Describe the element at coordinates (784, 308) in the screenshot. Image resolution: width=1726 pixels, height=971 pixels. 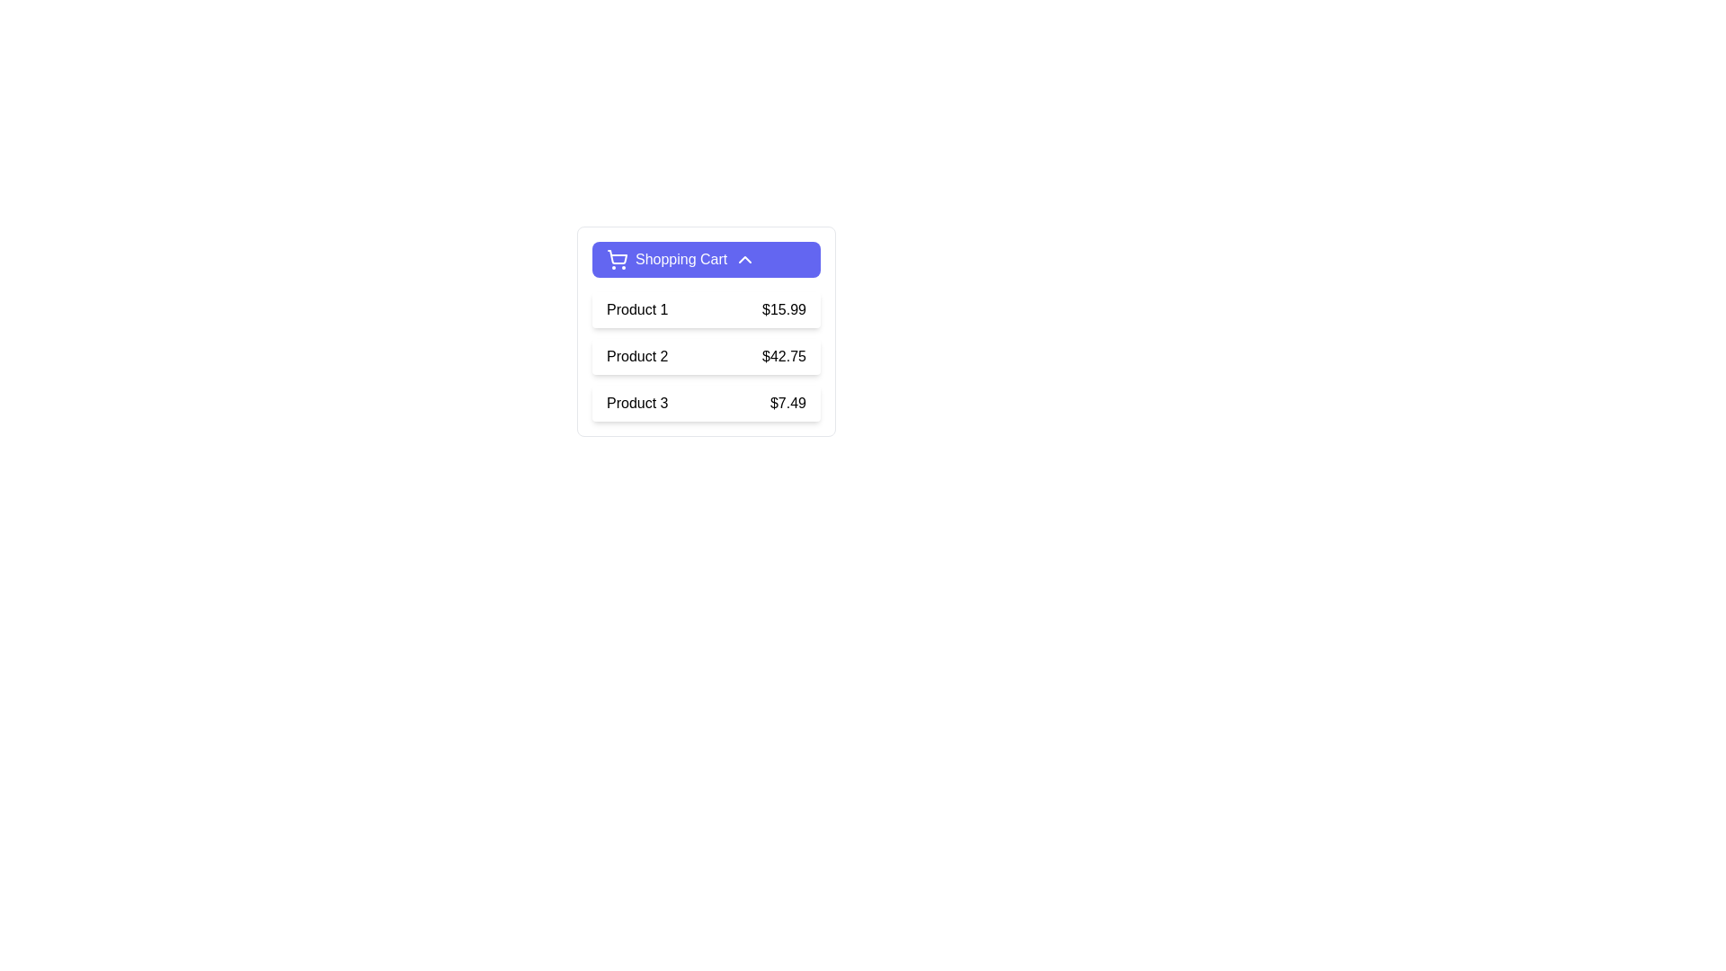
I see `the price label displaying '$15.99', which is positioned to the right of 'Product 1' in the first entry of the list` at that location.